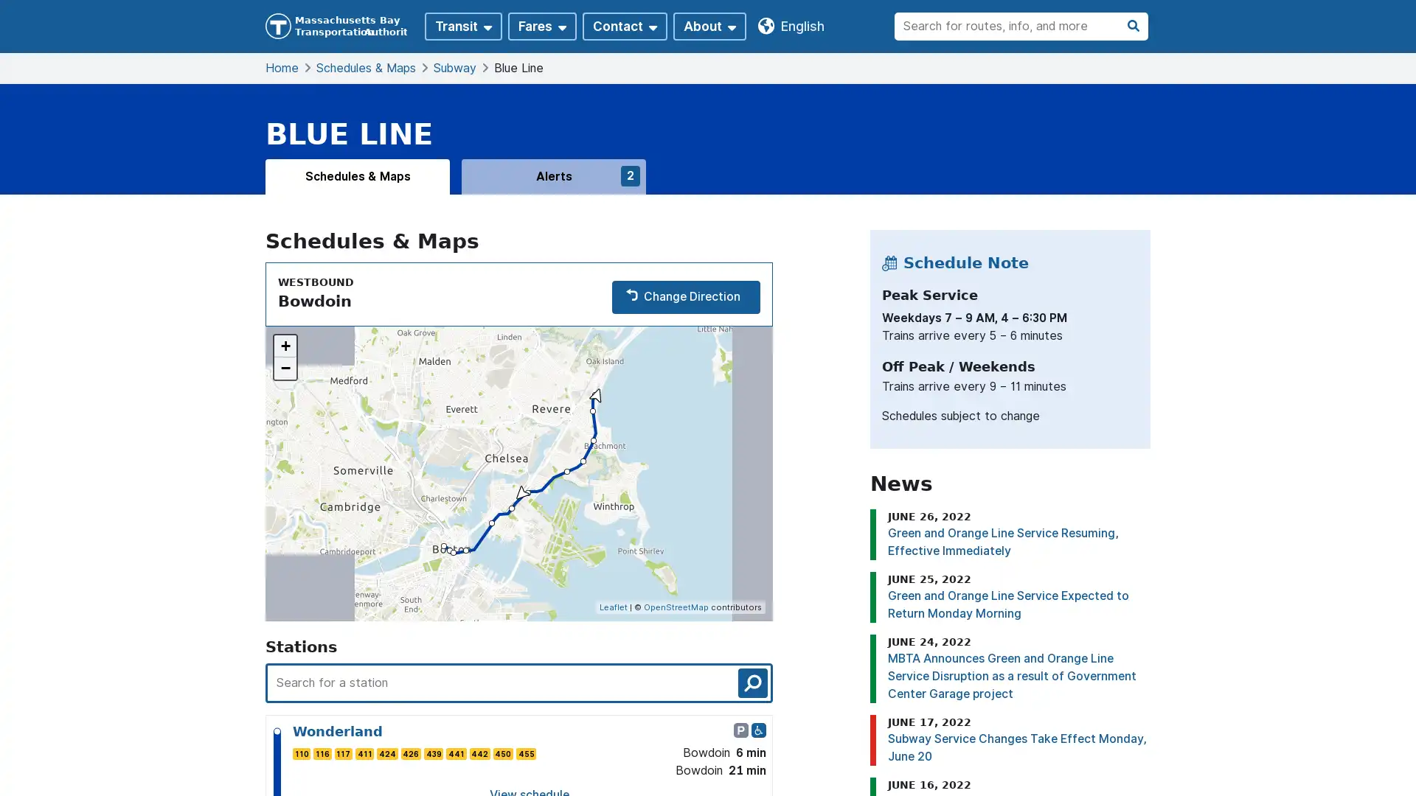 This screenshot has height=796, width=1416. What do you see at coordinates (685, 296) in the screenshot?
I see `Change Direction` at bounding box center [685, 296].